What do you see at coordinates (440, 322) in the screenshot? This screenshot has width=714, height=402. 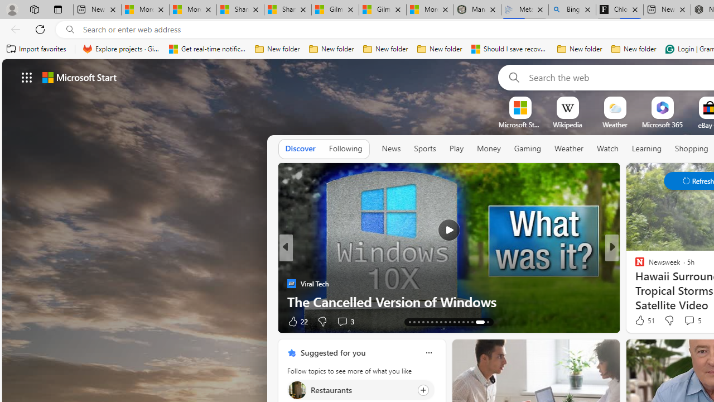 I see `'AutomationID: tab-24'` at bounding box center [440, 322].